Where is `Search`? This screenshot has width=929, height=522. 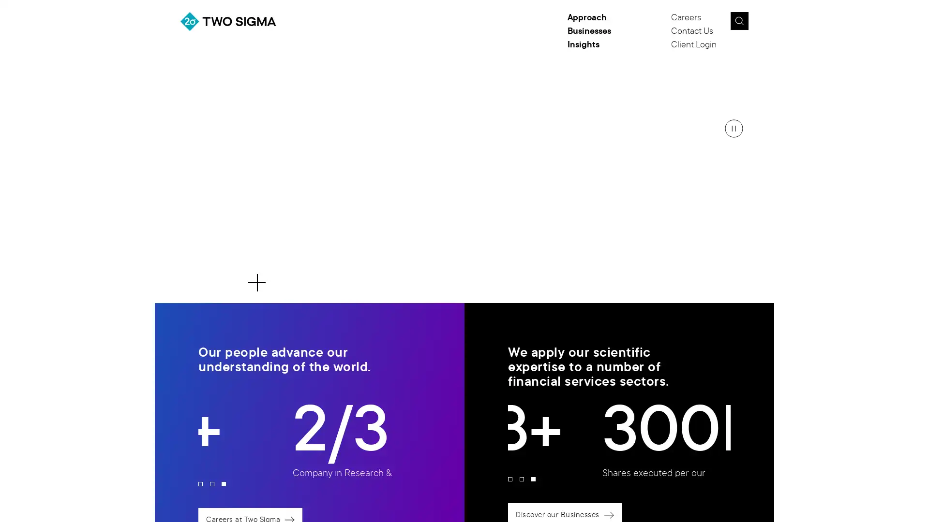
Search is located at coordinates (761, 24).